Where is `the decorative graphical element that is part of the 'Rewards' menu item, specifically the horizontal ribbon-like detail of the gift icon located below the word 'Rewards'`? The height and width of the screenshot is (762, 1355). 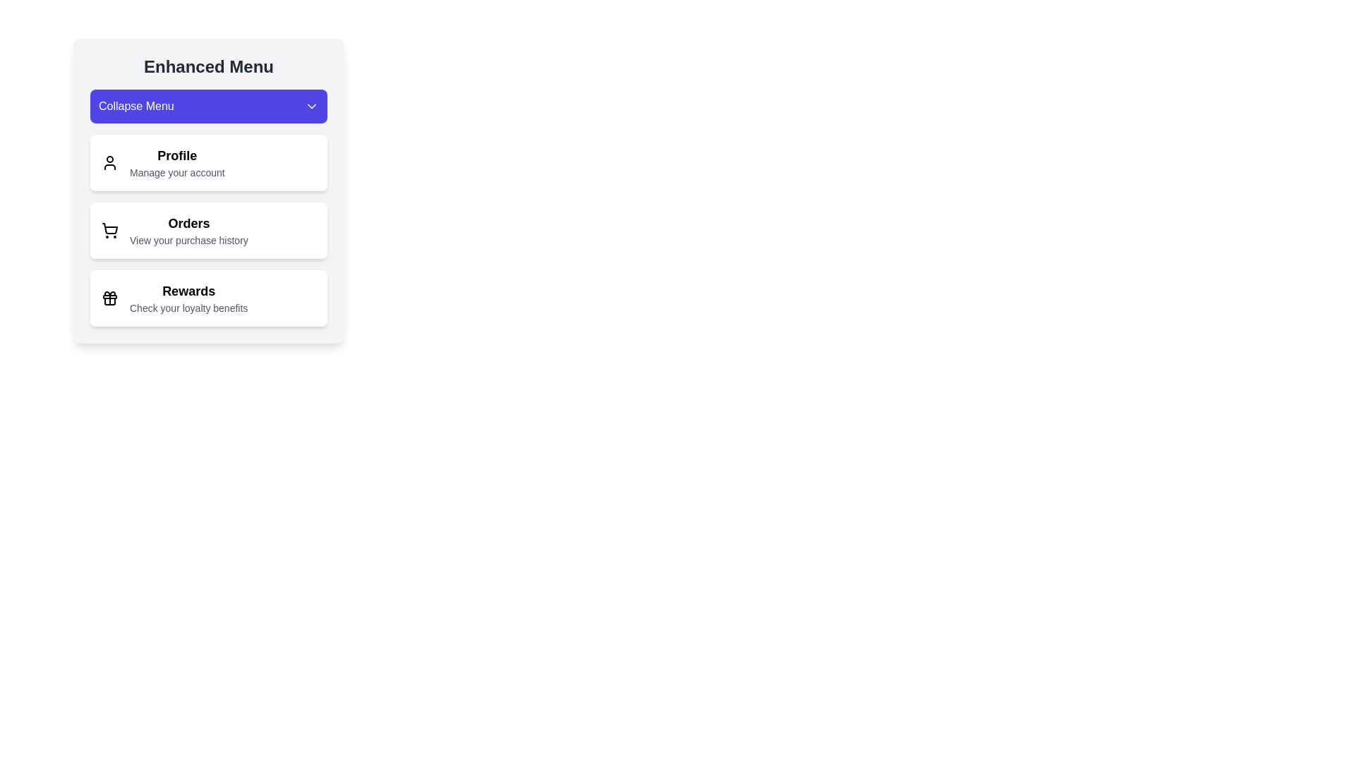
the decorative graphical element that is part of the 'Rewards' menu item, specifically the horizontal ribbon-like detail of the gift icon located below the word 'Rewards' is located at coordinates (109, 296).